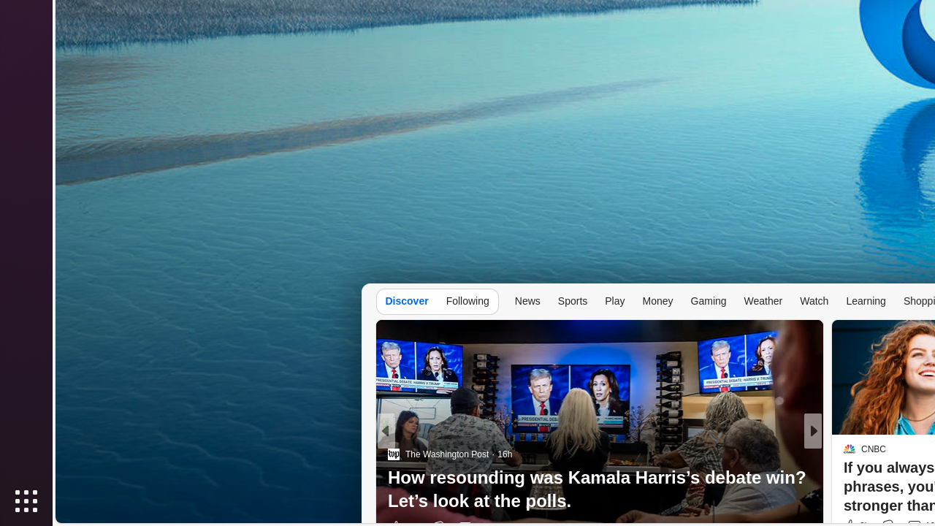 Image resolution: width=935 pixels, height=526 pixels. I want to click on 'Weather', so click(762, 300).